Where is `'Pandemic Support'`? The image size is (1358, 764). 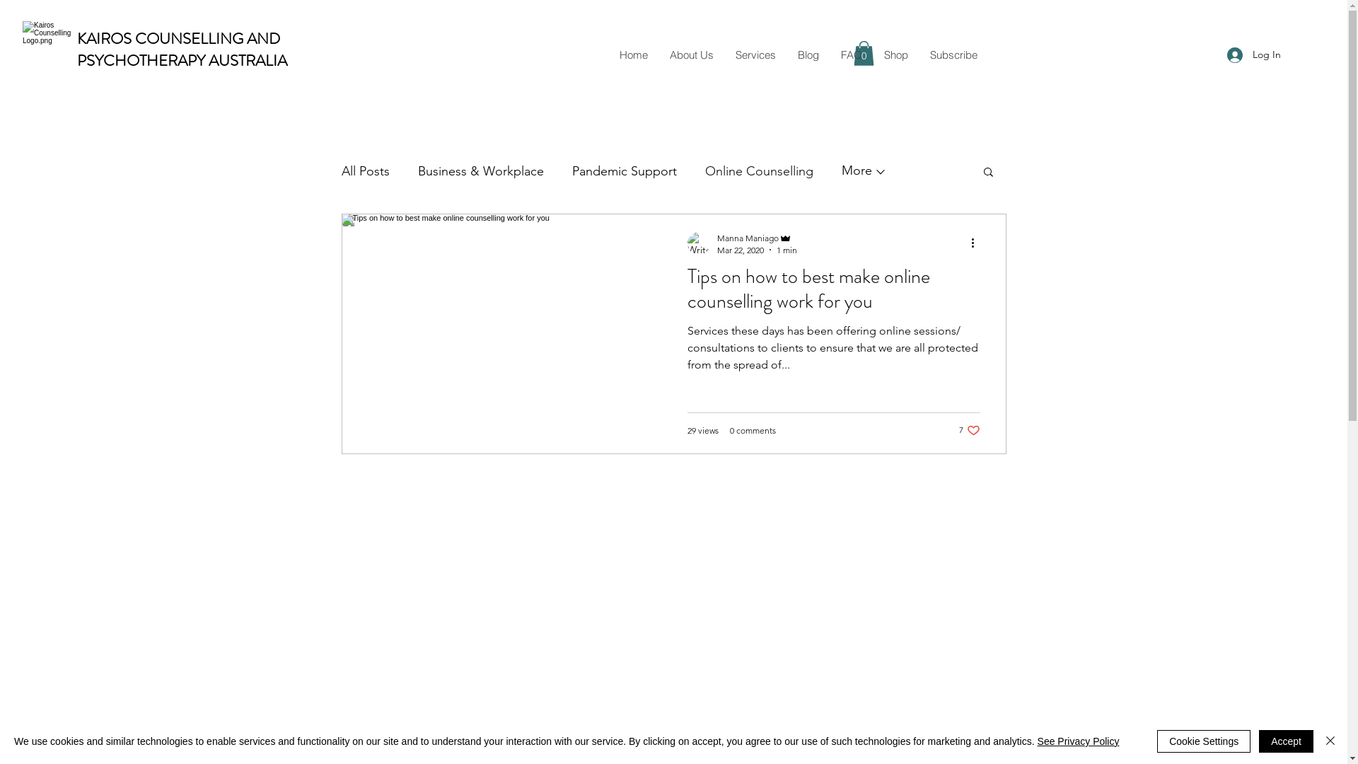
'Pandemic Support' is located at coordinates (623, 170).